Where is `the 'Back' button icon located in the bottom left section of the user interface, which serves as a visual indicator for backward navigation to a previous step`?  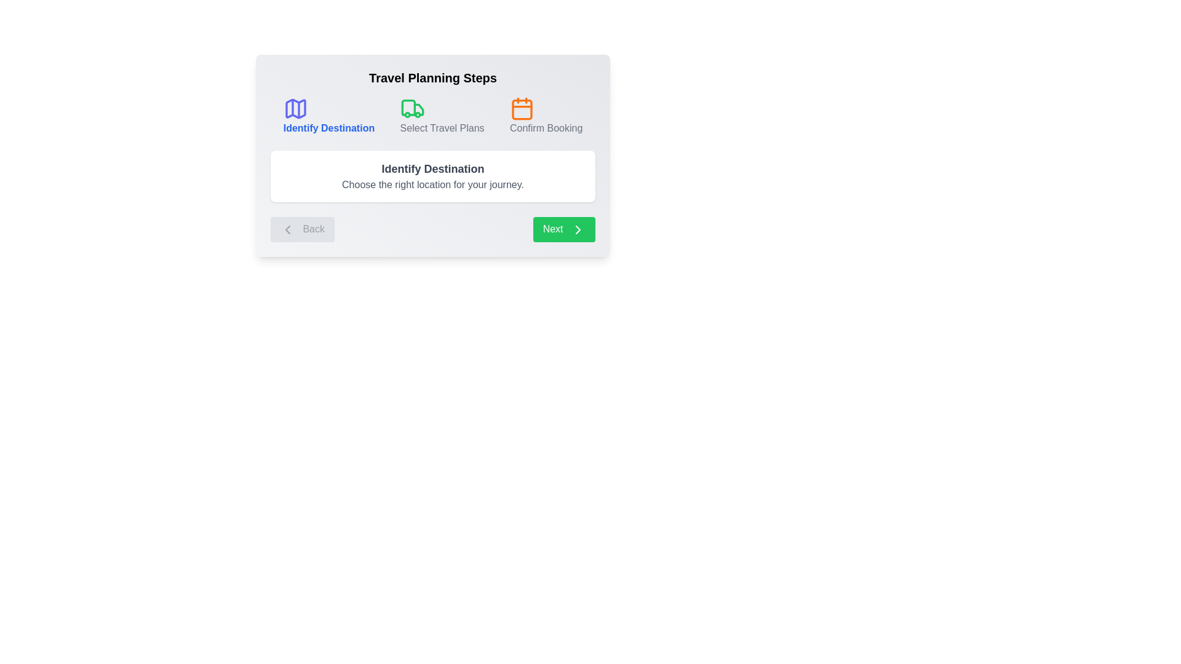
the 'Back' button icon located in the bottom left section of the user interface, which serves as a visual indicator for backward navigation to a previous step is located at coordinates (287, 229).